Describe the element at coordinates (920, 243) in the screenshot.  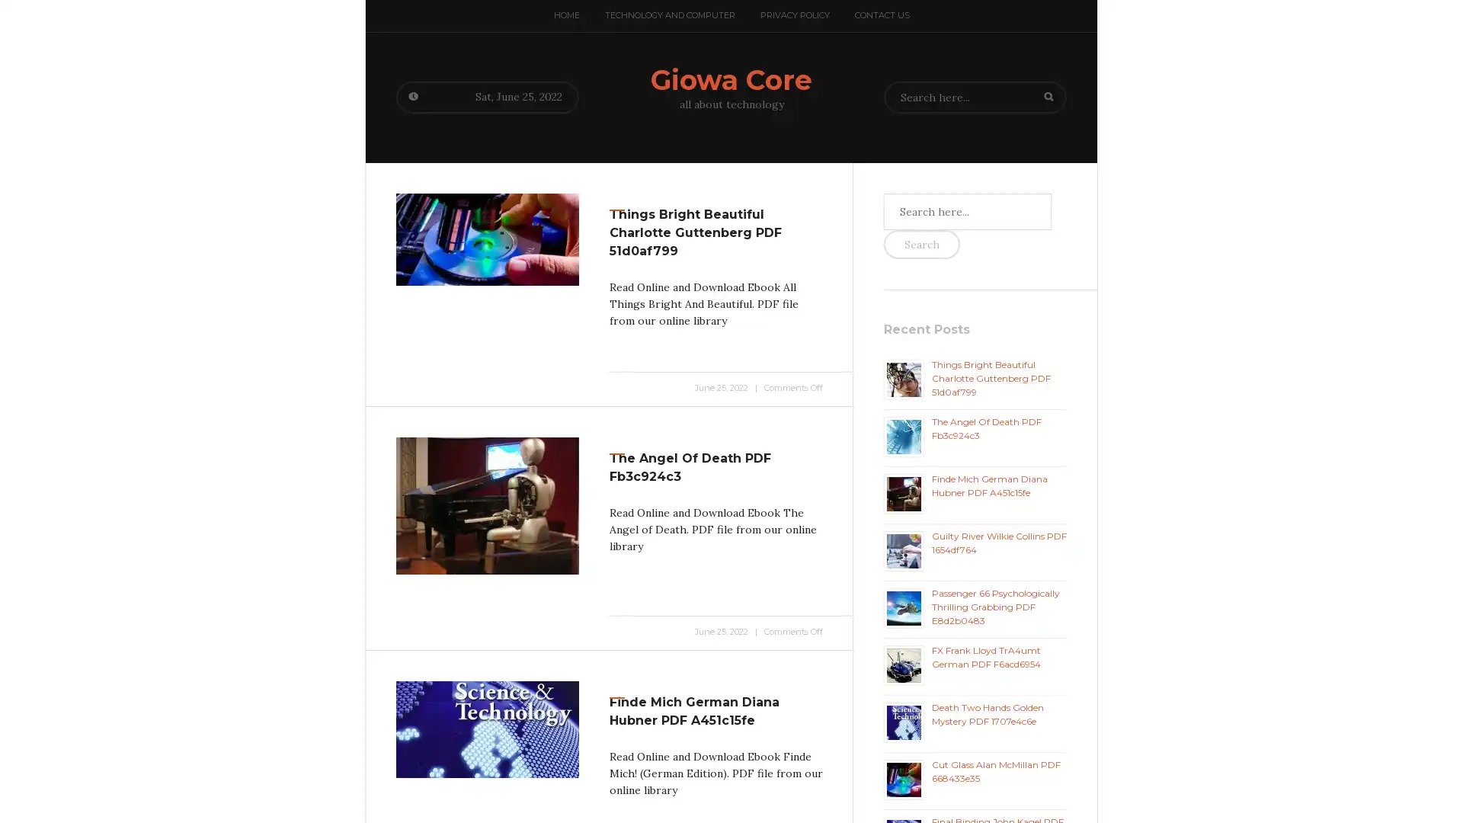
I see `Search` at that location.